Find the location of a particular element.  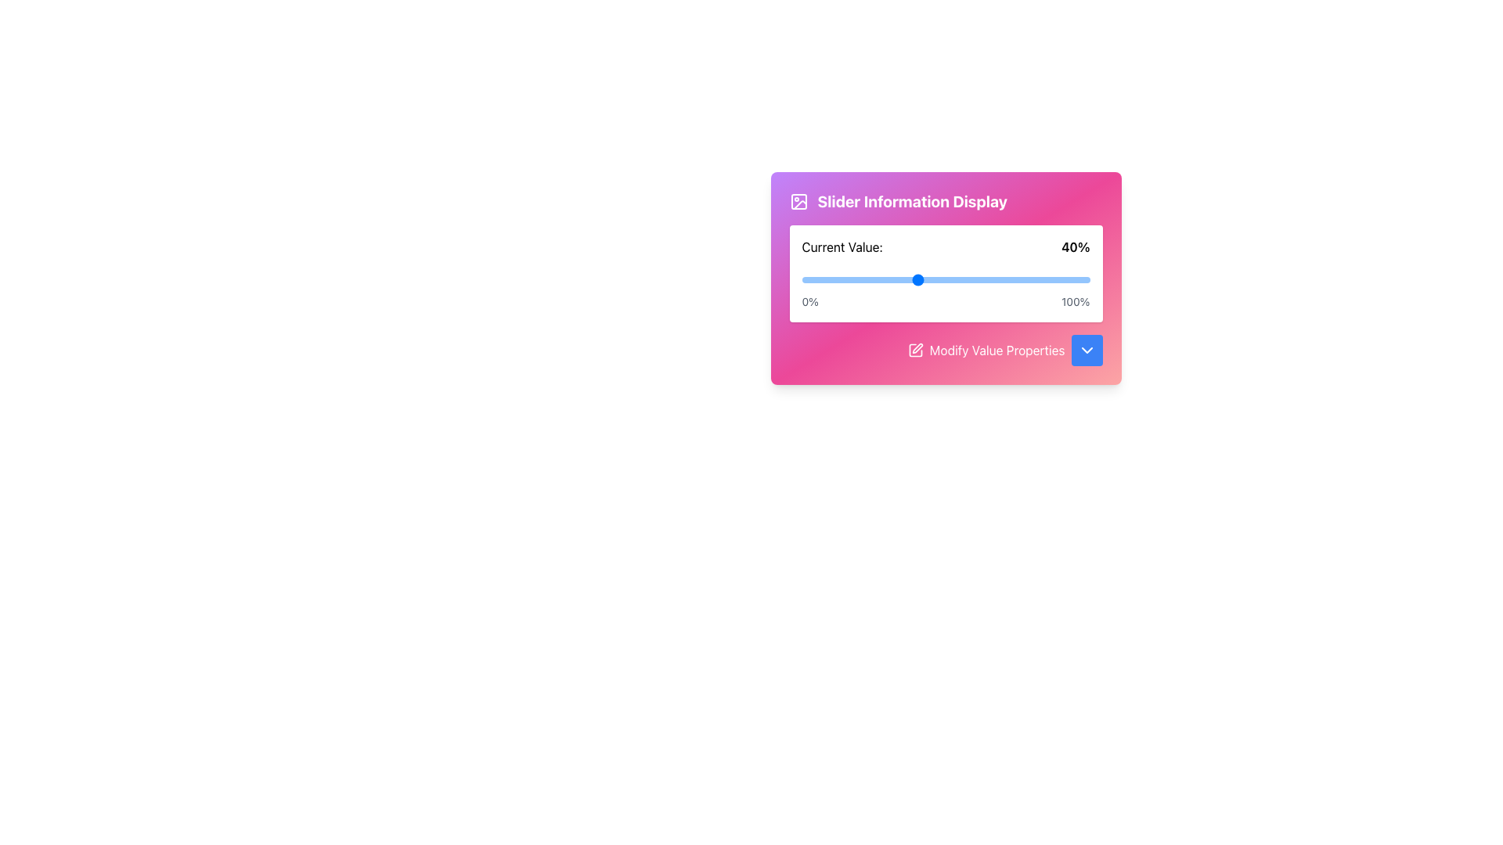

the text label indicating the maximum value of the slider, which displays '100%' and is located at the bottom-right of the horizontal slider is located at coordinates (1075, 301).